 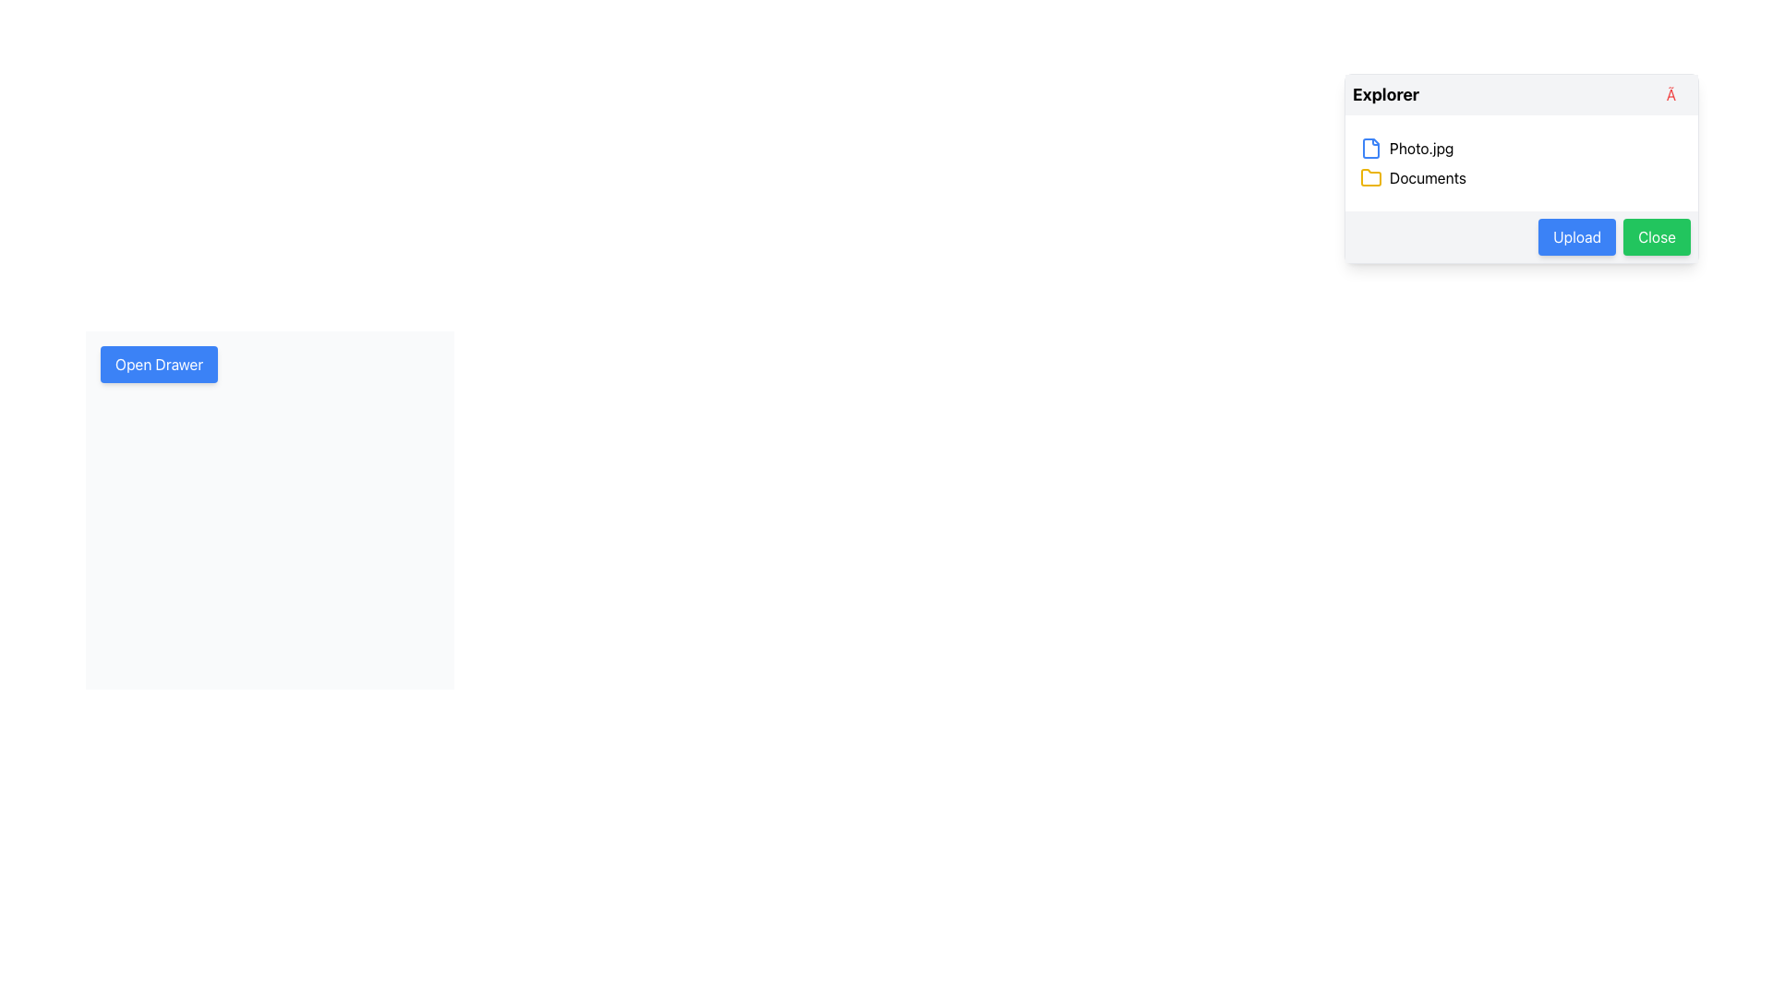 I want to click on the text label displaying 'Photo.jpg', so click(x=1420, y=148).